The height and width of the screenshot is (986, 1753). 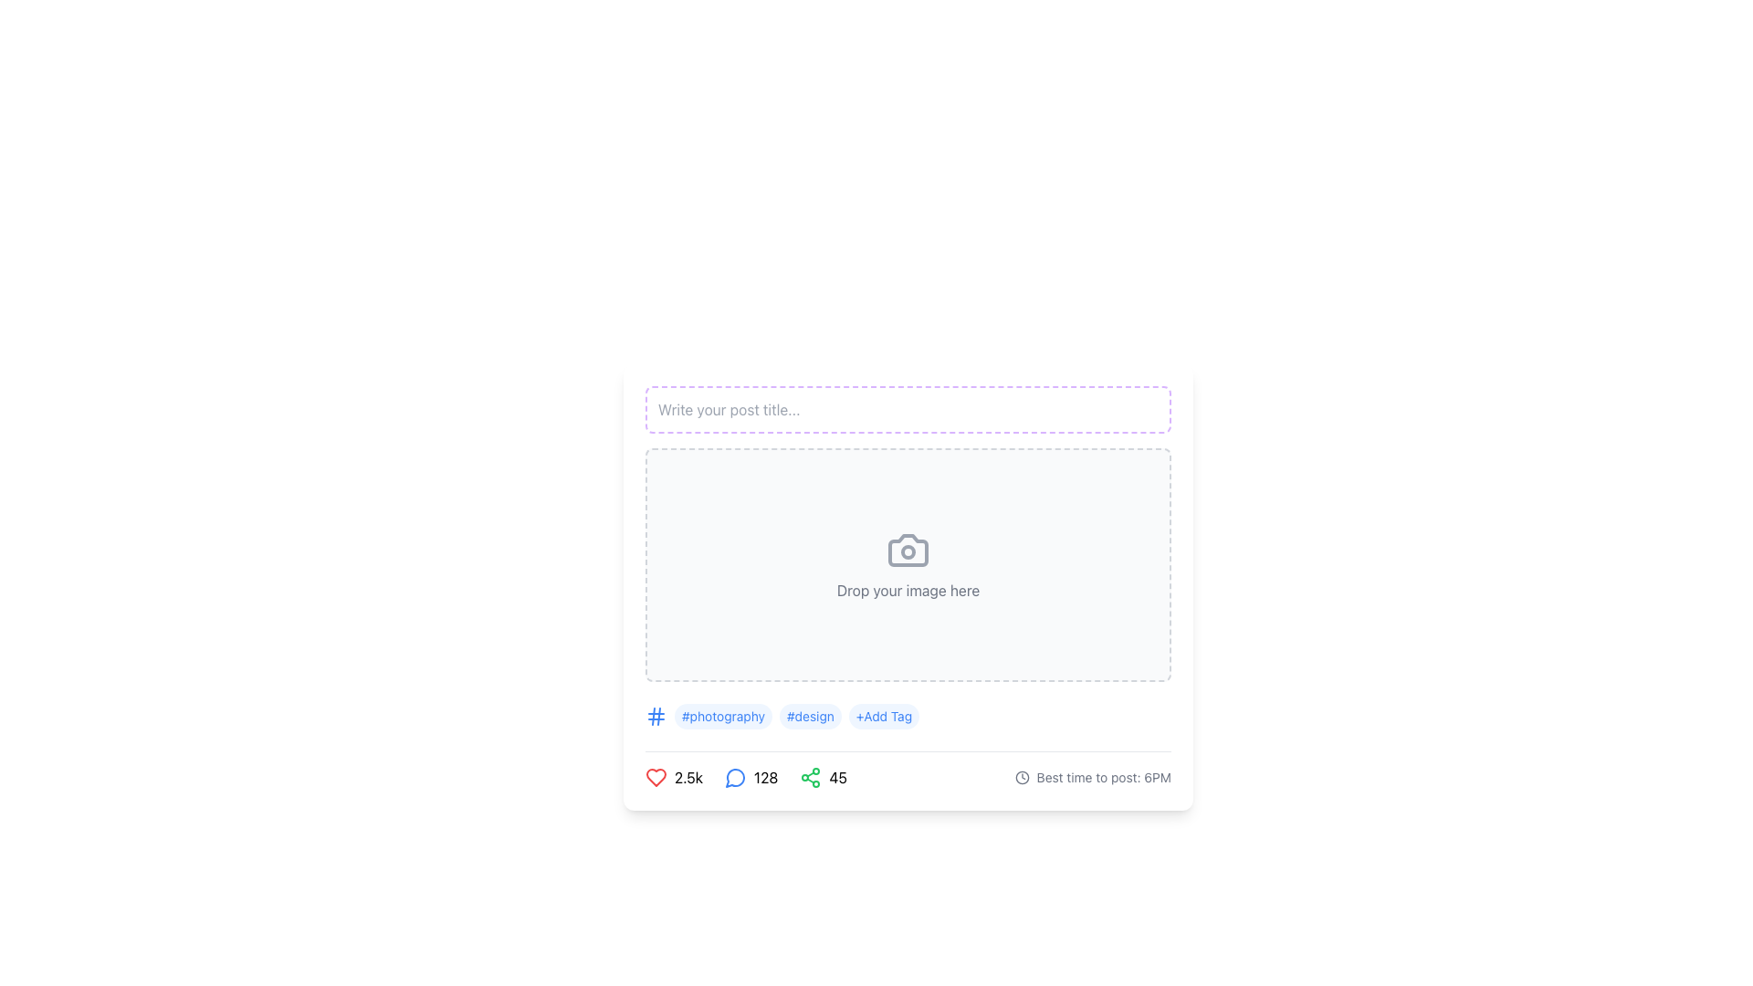 What do you see at coordinates (1103, 778) in the screenshot?
I see `the static informational text displaying 'Best time to post: 6PM', located at the bottom-right corner of the card, next to the clock icon` at bounding box center [1103, 778].